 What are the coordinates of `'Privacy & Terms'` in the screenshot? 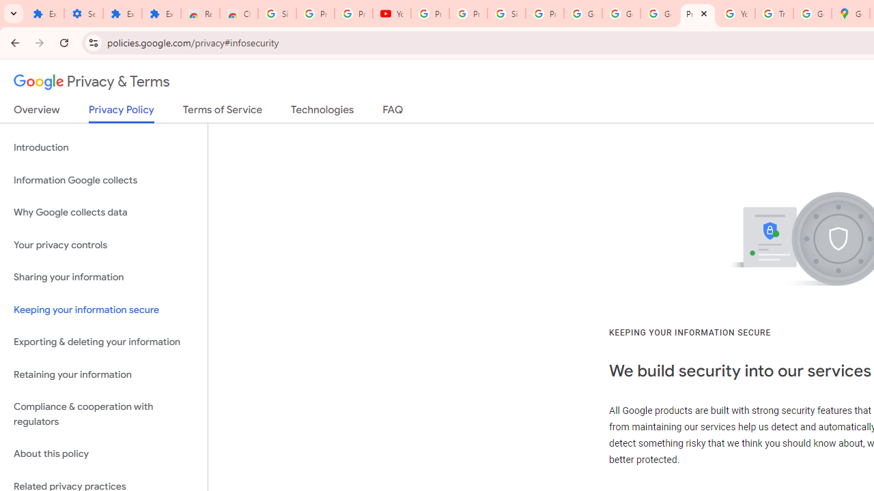 It's located at (91, 82).